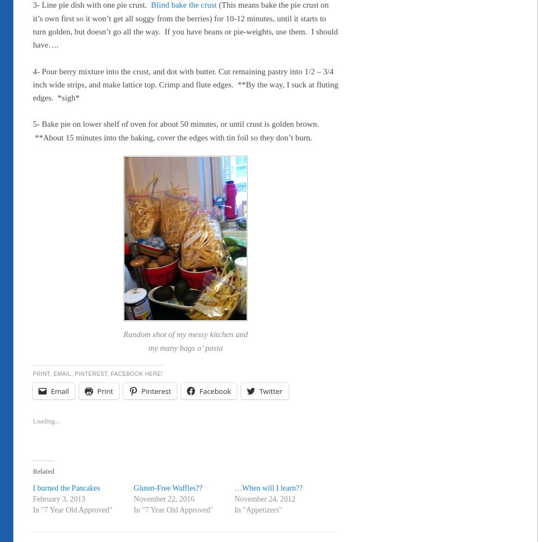 This screenshot has width=538, height=542. Describe the element at coordinates (176, 130) in the screenshot. I see `'5- Bake pie on lower shelf of oven for about 50 minutes, or until crust is golden brown.  **About 15 minutes into the baking, cover the edges with tin foil so they don’t burn.'` at that location.